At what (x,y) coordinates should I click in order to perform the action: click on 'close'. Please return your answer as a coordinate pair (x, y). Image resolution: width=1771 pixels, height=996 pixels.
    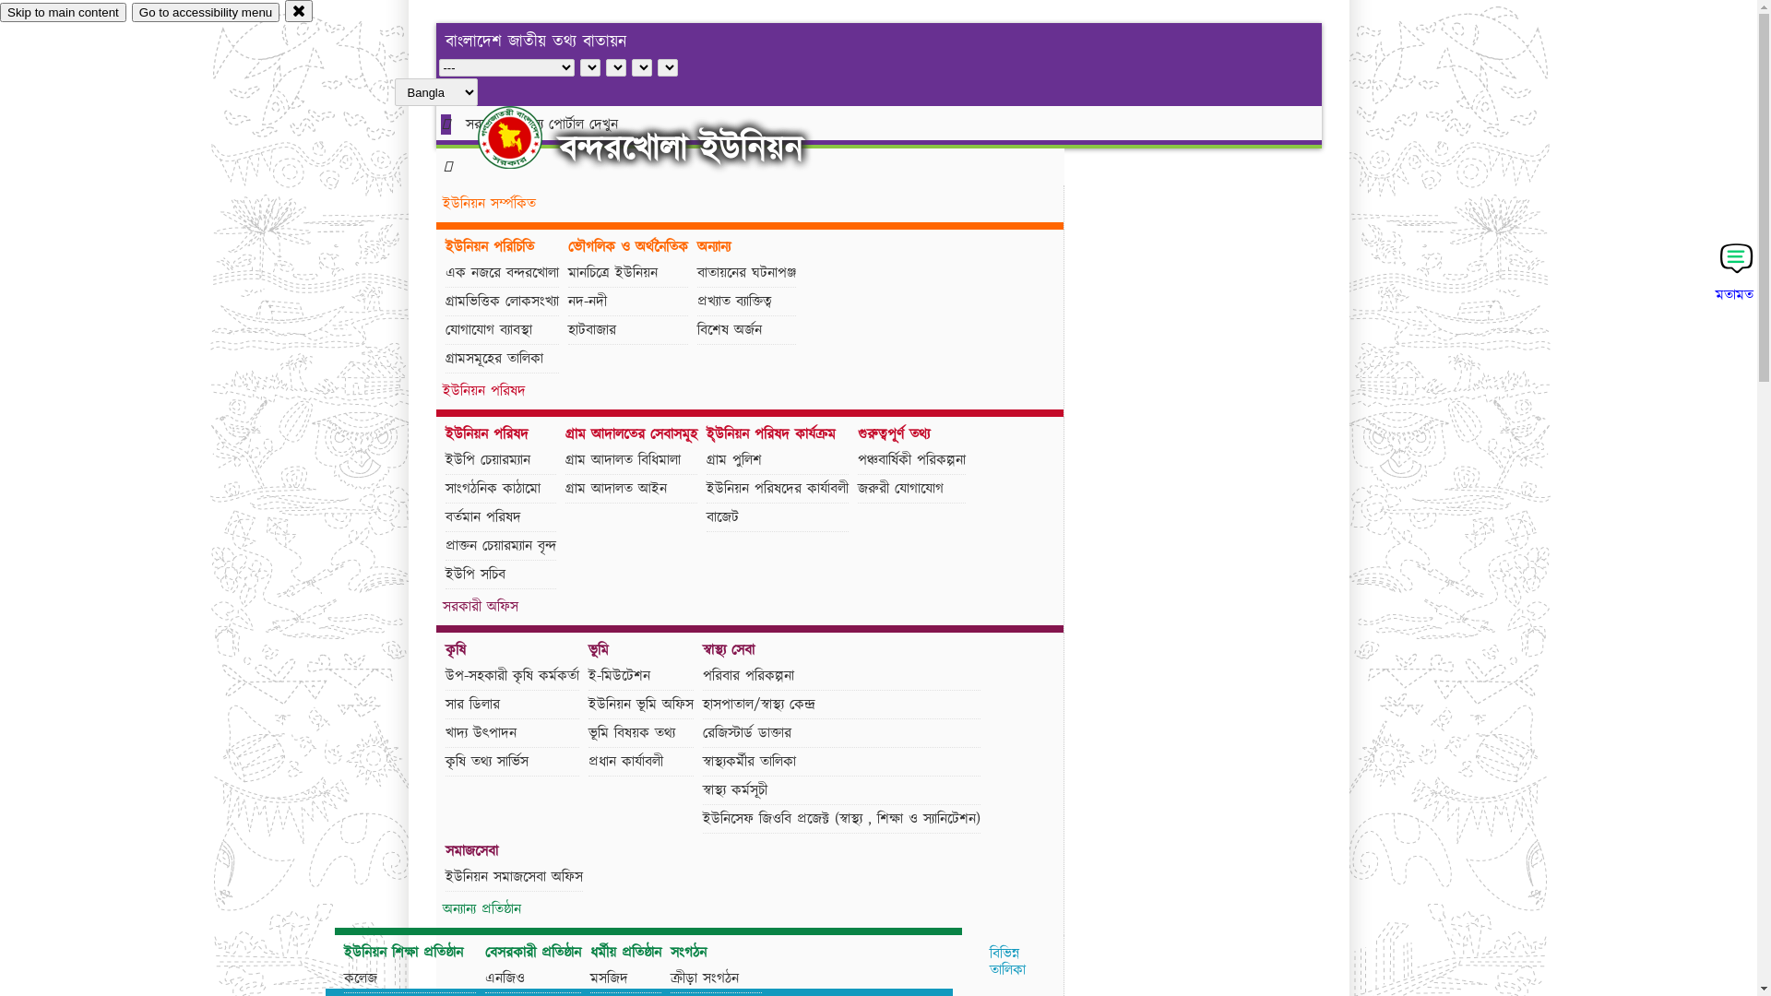
    Looking at the image, I should click on (299, 10).